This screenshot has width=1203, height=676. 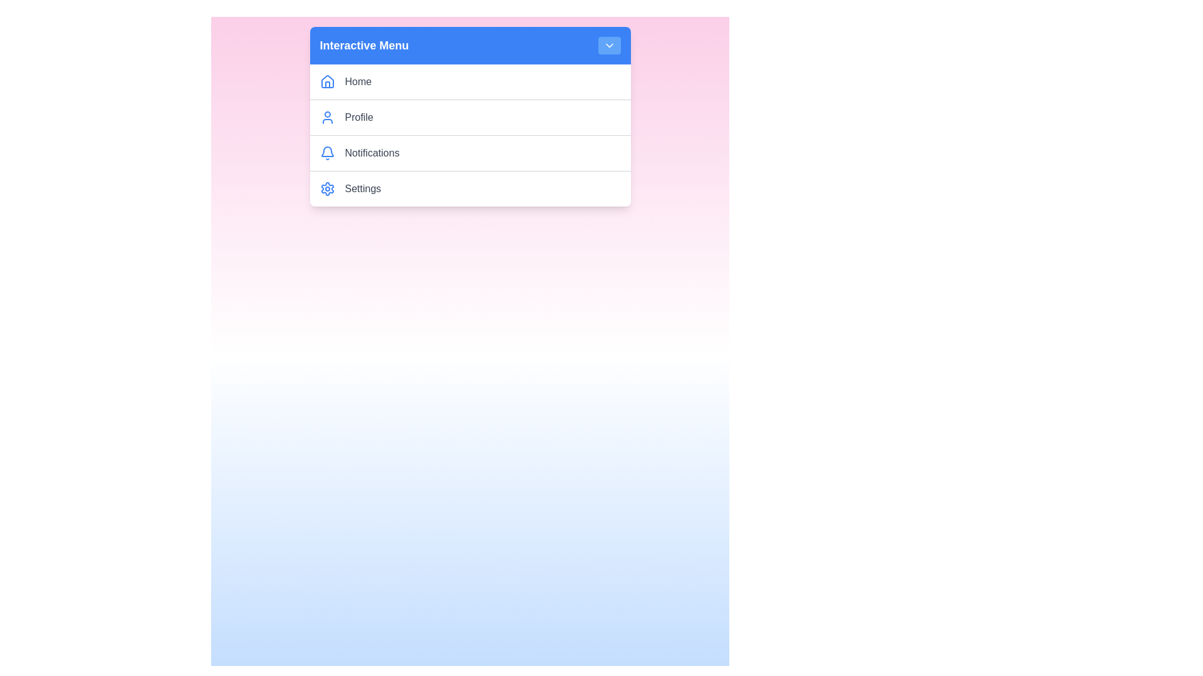 What do you see at coordinates (482, 82) in the screenshot?
I see `the menu item Home by clicking on it` at bounding box center [482, 82].